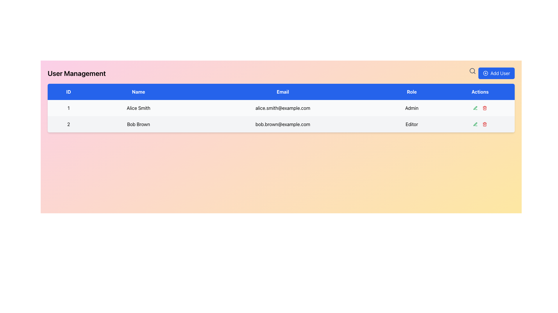 This screenshot has width=558, height=313. Describe the element at coordinates (480, 108) in the screenshot. I see `the interactive icons group in the 'Actions' column of the user management table for 'Alice Smith'` at that location.